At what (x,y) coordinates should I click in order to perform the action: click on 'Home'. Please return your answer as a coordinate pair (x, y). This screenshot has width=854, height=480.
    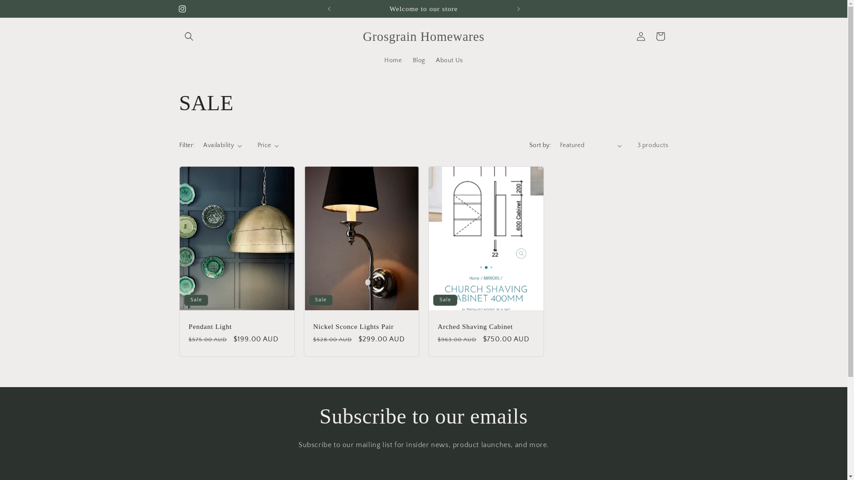
    Looking at the image, I should click on (392, 60).